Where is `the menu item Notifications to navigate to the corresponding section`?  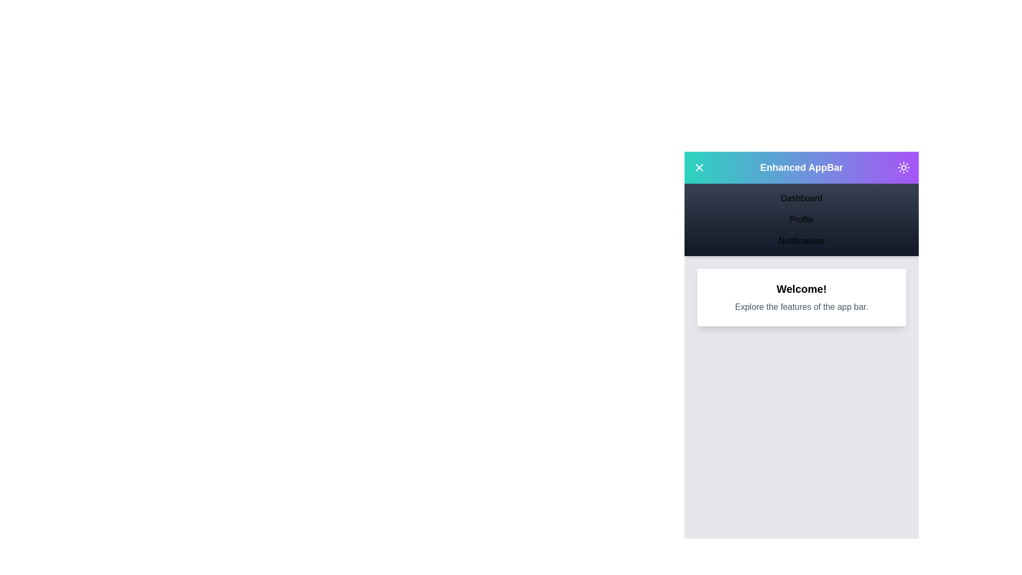
the menu item Notifications to navigate to the corresponding section is located at coordinates (802, 241).